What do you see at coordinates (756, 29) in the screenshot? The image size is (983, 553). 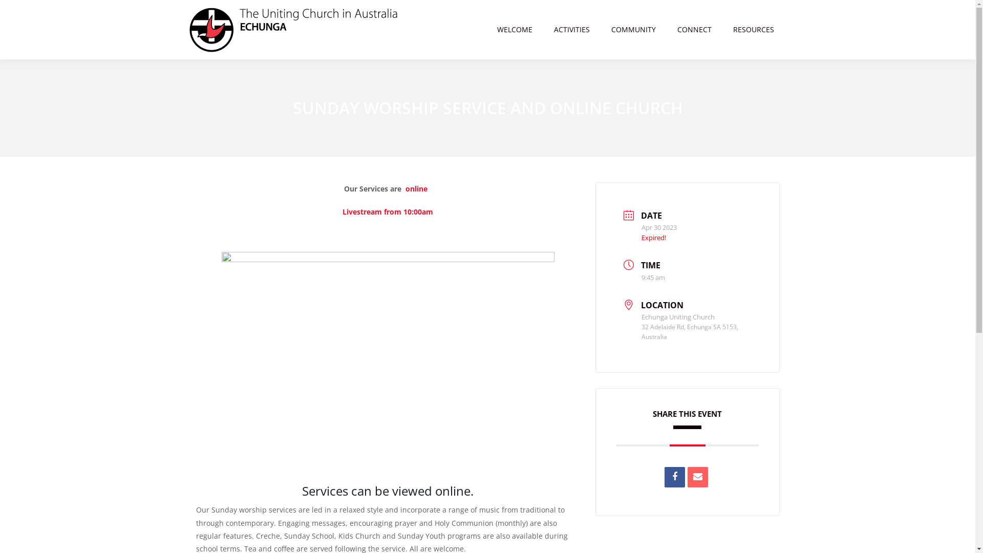 I see `'RESOURCES'` at bounding box center [756, 29].